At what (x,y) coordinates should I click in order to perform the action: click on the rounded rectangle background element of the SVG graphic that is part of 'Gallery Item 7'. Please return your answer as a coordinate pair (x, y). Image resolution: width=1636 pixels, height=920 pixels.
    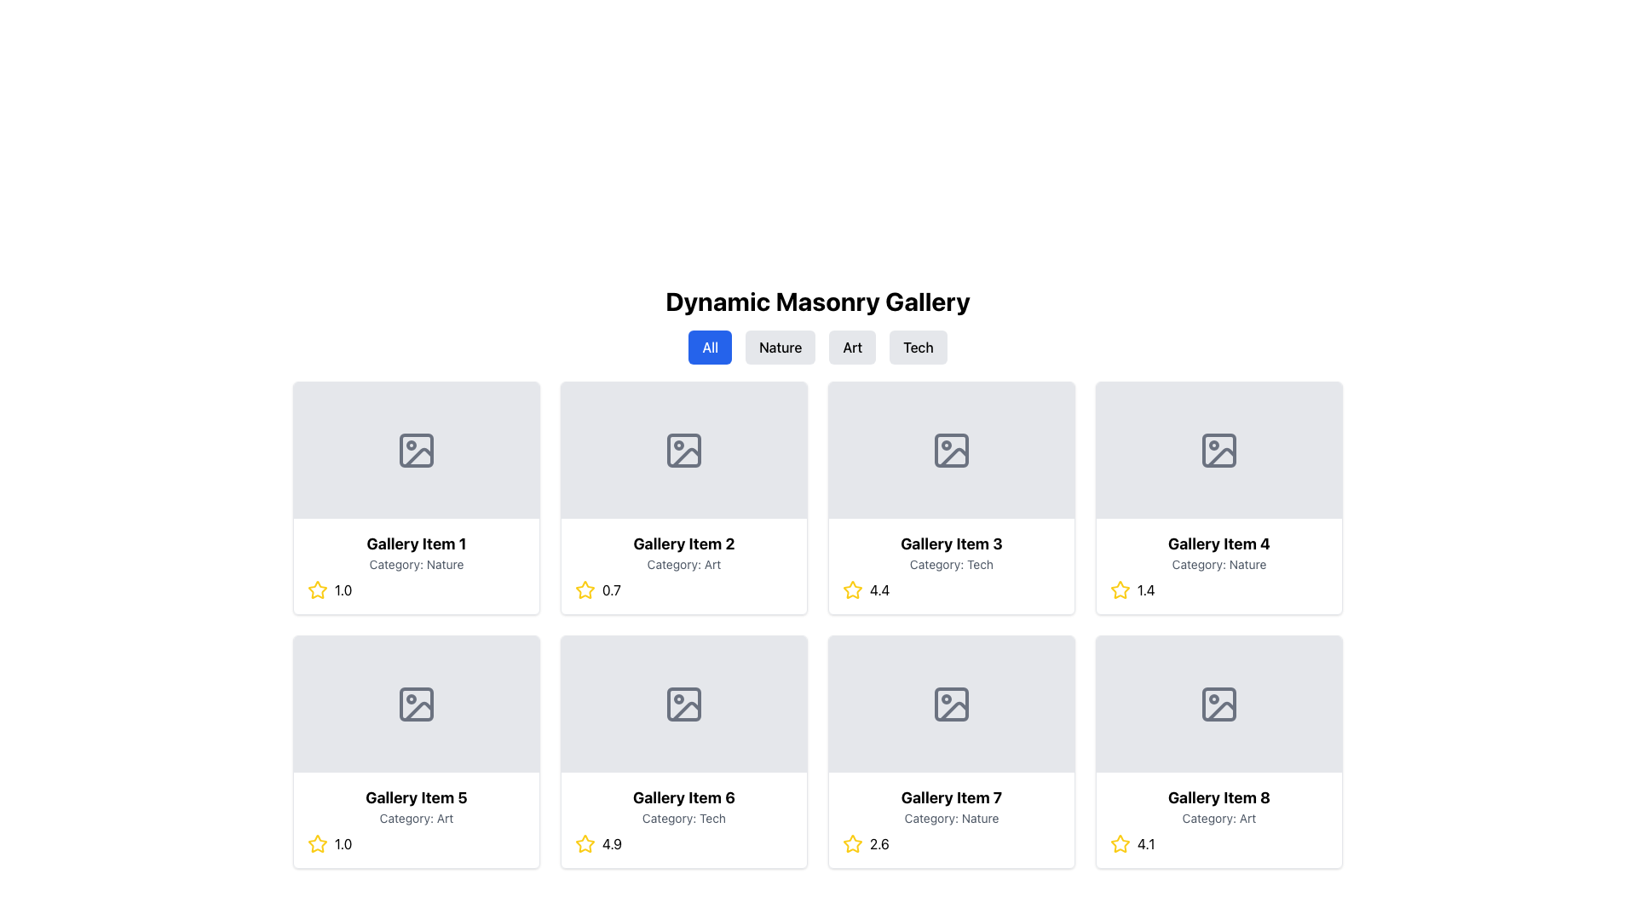
    Looking at the image, I should click on (951, 704).